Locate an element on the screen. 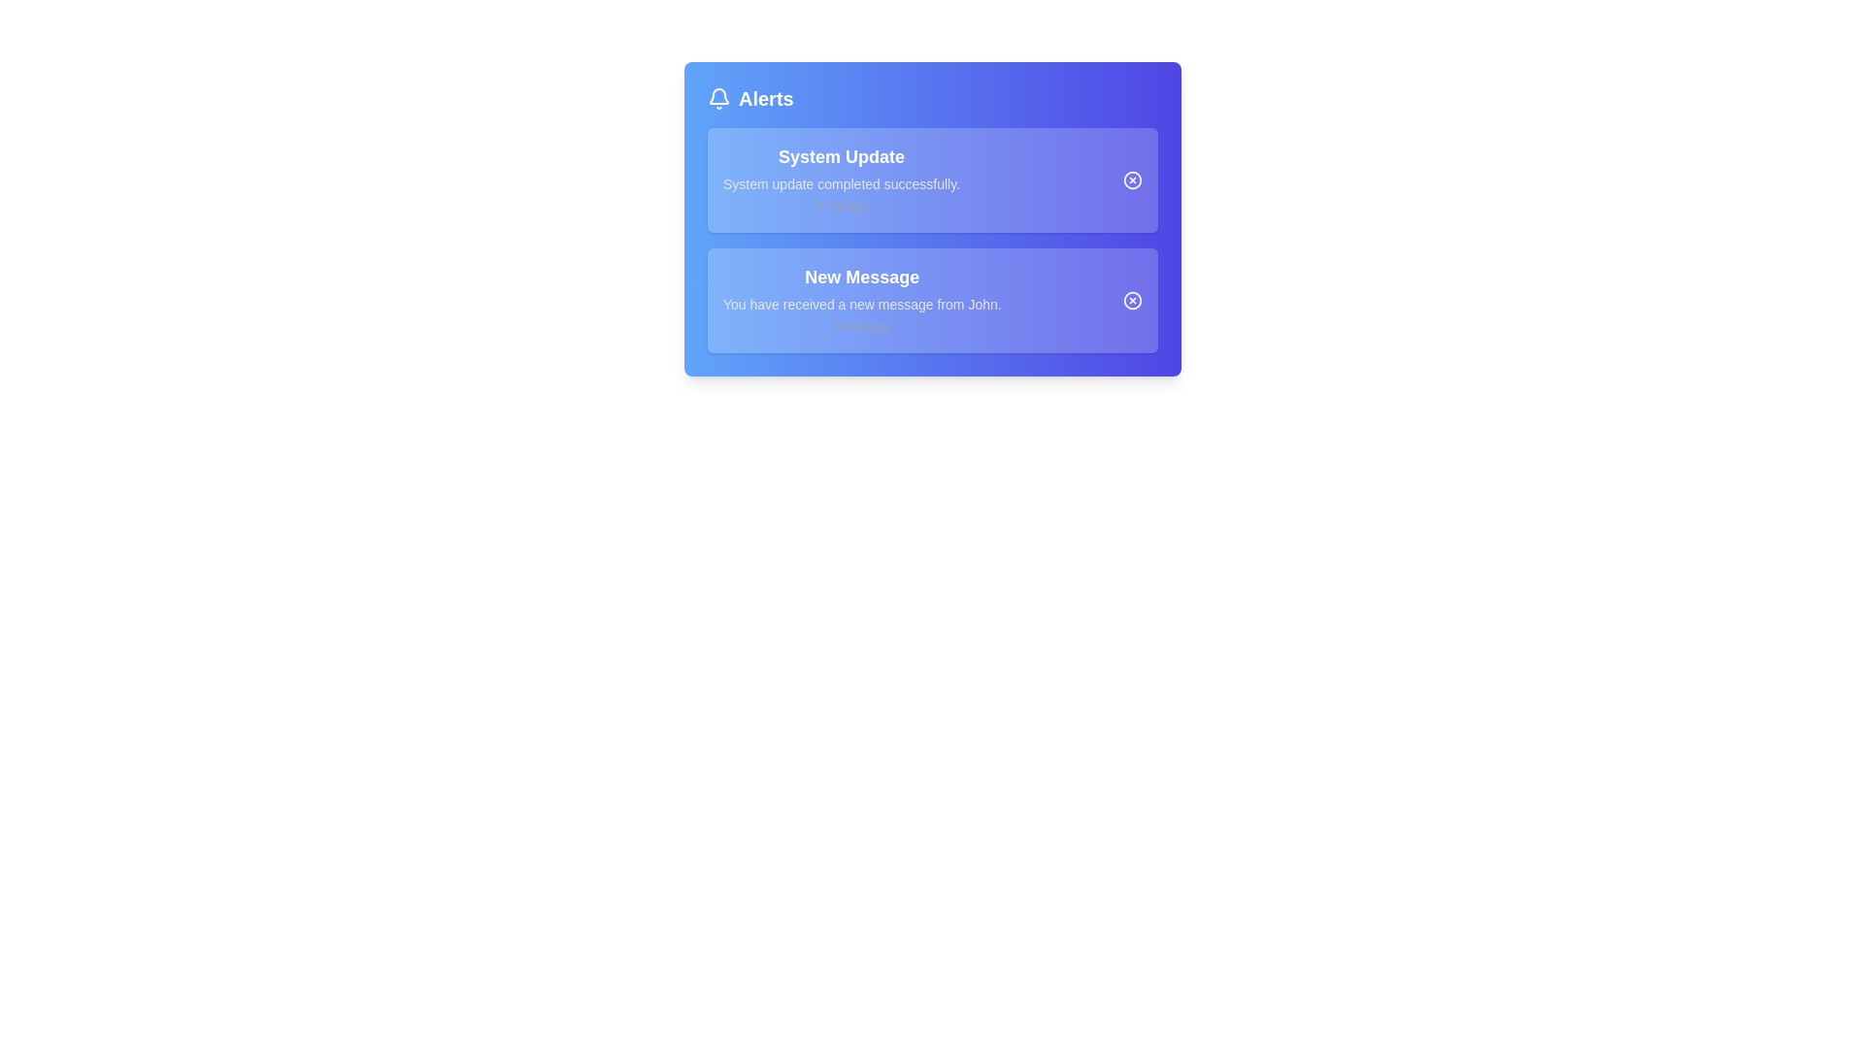  the notification bell icon with a white outline is located at coordinates (717, 98).